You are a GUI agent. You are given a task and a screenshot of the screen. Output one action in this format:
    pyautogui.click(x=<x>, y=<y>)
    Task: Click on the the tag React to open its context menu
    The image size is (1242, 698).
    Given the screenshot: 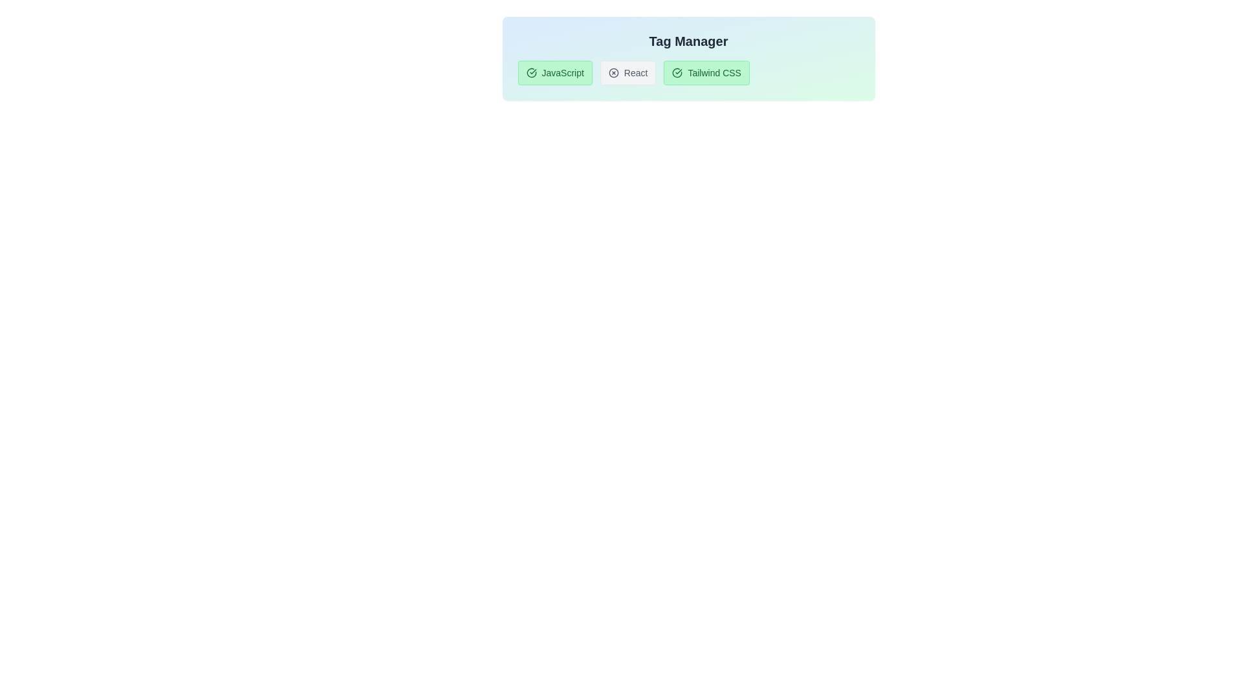 What is the action you would take?
    pyautogui.click(x=627, y=72)
    